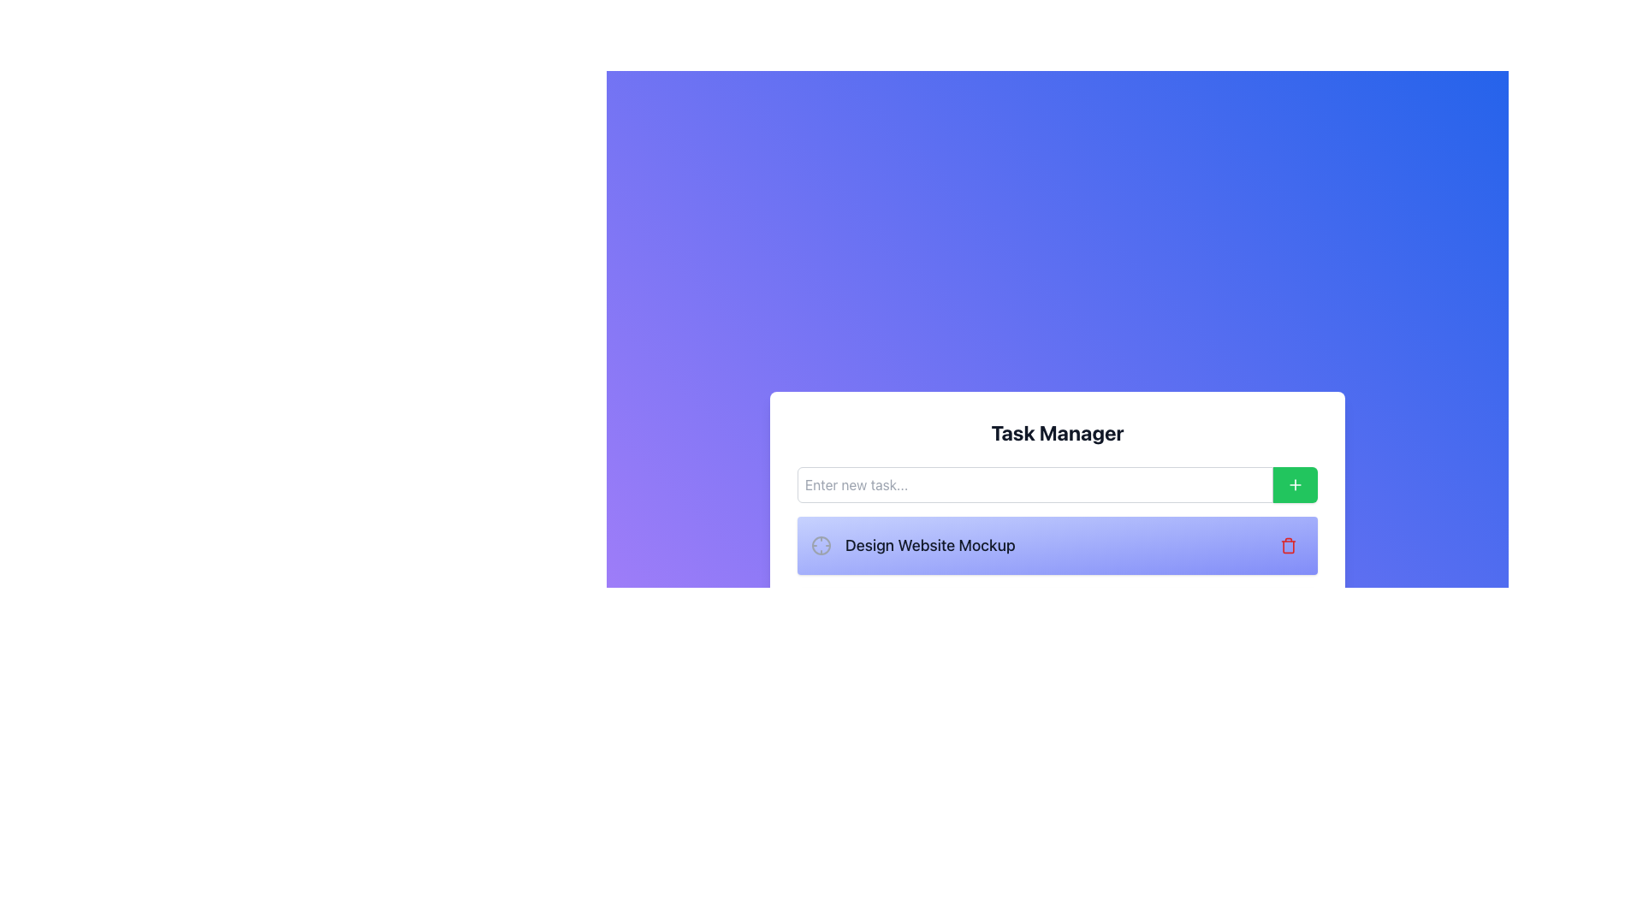  Describe the element at coordinates (1289, 545) in the screenshot. I see `the delete button located at the far right side of the task item with a purple gradient background labeled 'Design Website Mockup'` at that location.